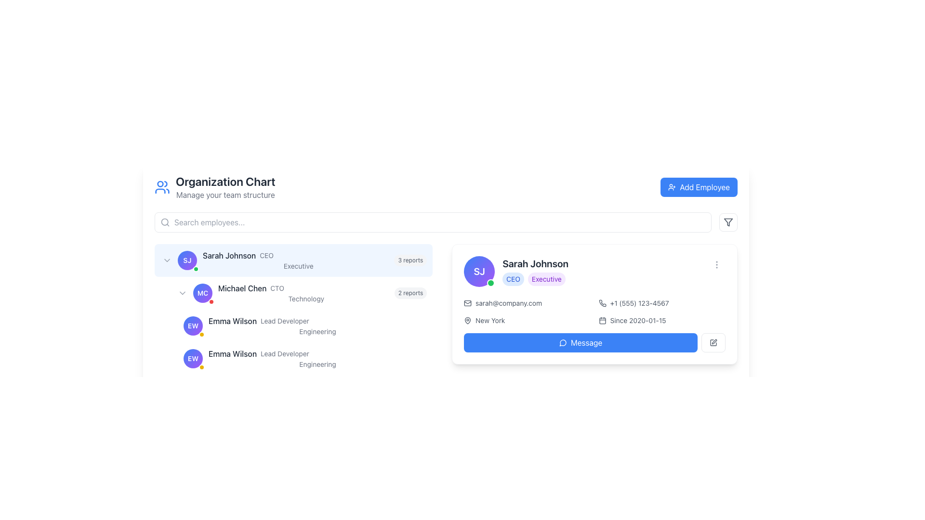  What do you see at coordinates (468, 321) in the screenshot?
I see `the map pin icon located to the left of the text 'New York' in the contact information panel of the detailed user card` at bounding box center [468, 321].